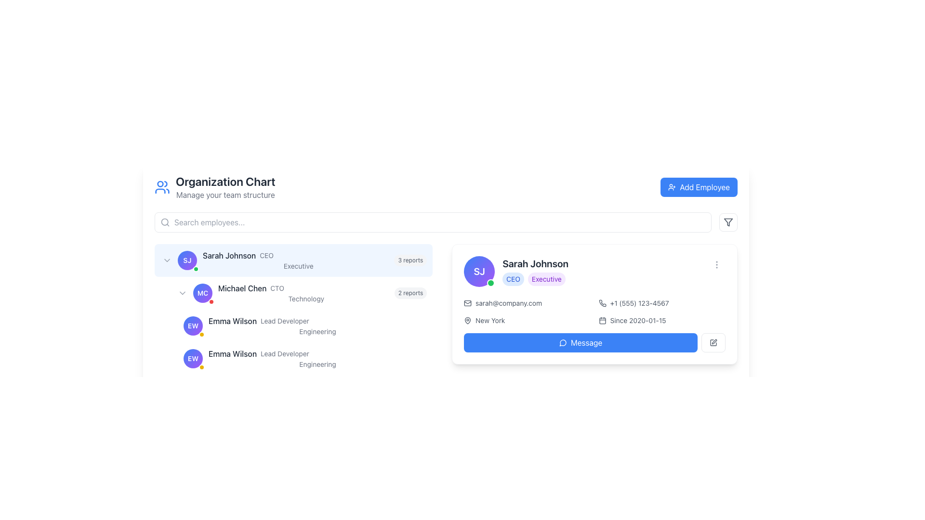  What do you see at coordinates (468, 321) in the screenshot?
I see `the map pin icon located to the left of the text 'New York' in the contact information panel of the detailed user card` at bounding box center [468, 321].